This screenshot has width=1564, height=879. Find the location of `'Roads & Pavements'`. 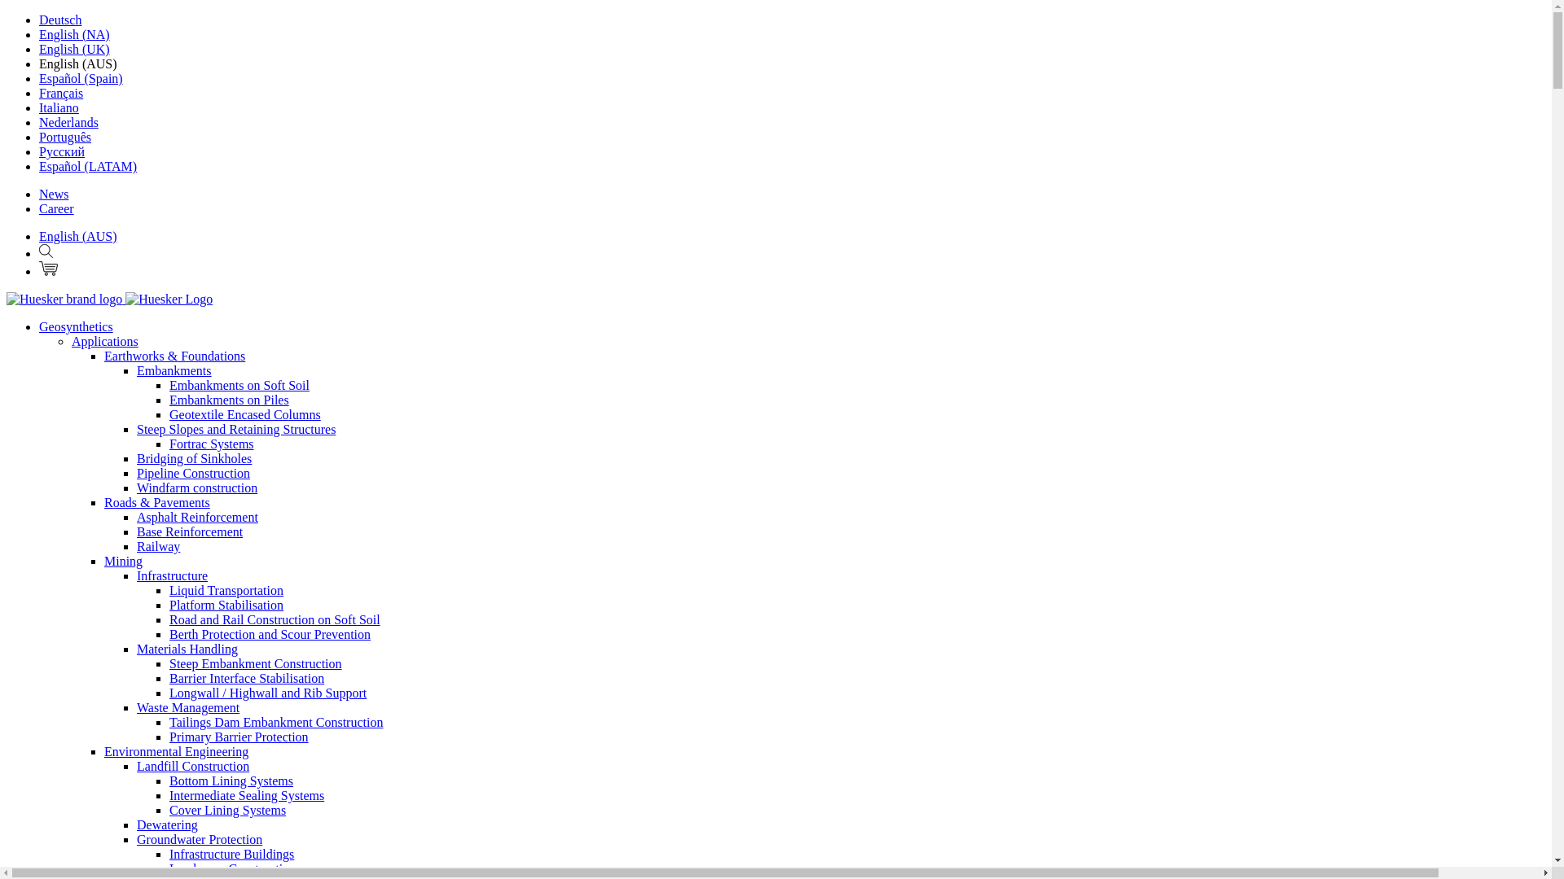

'Roads & Pavements' is located at coordinates (156, 501).